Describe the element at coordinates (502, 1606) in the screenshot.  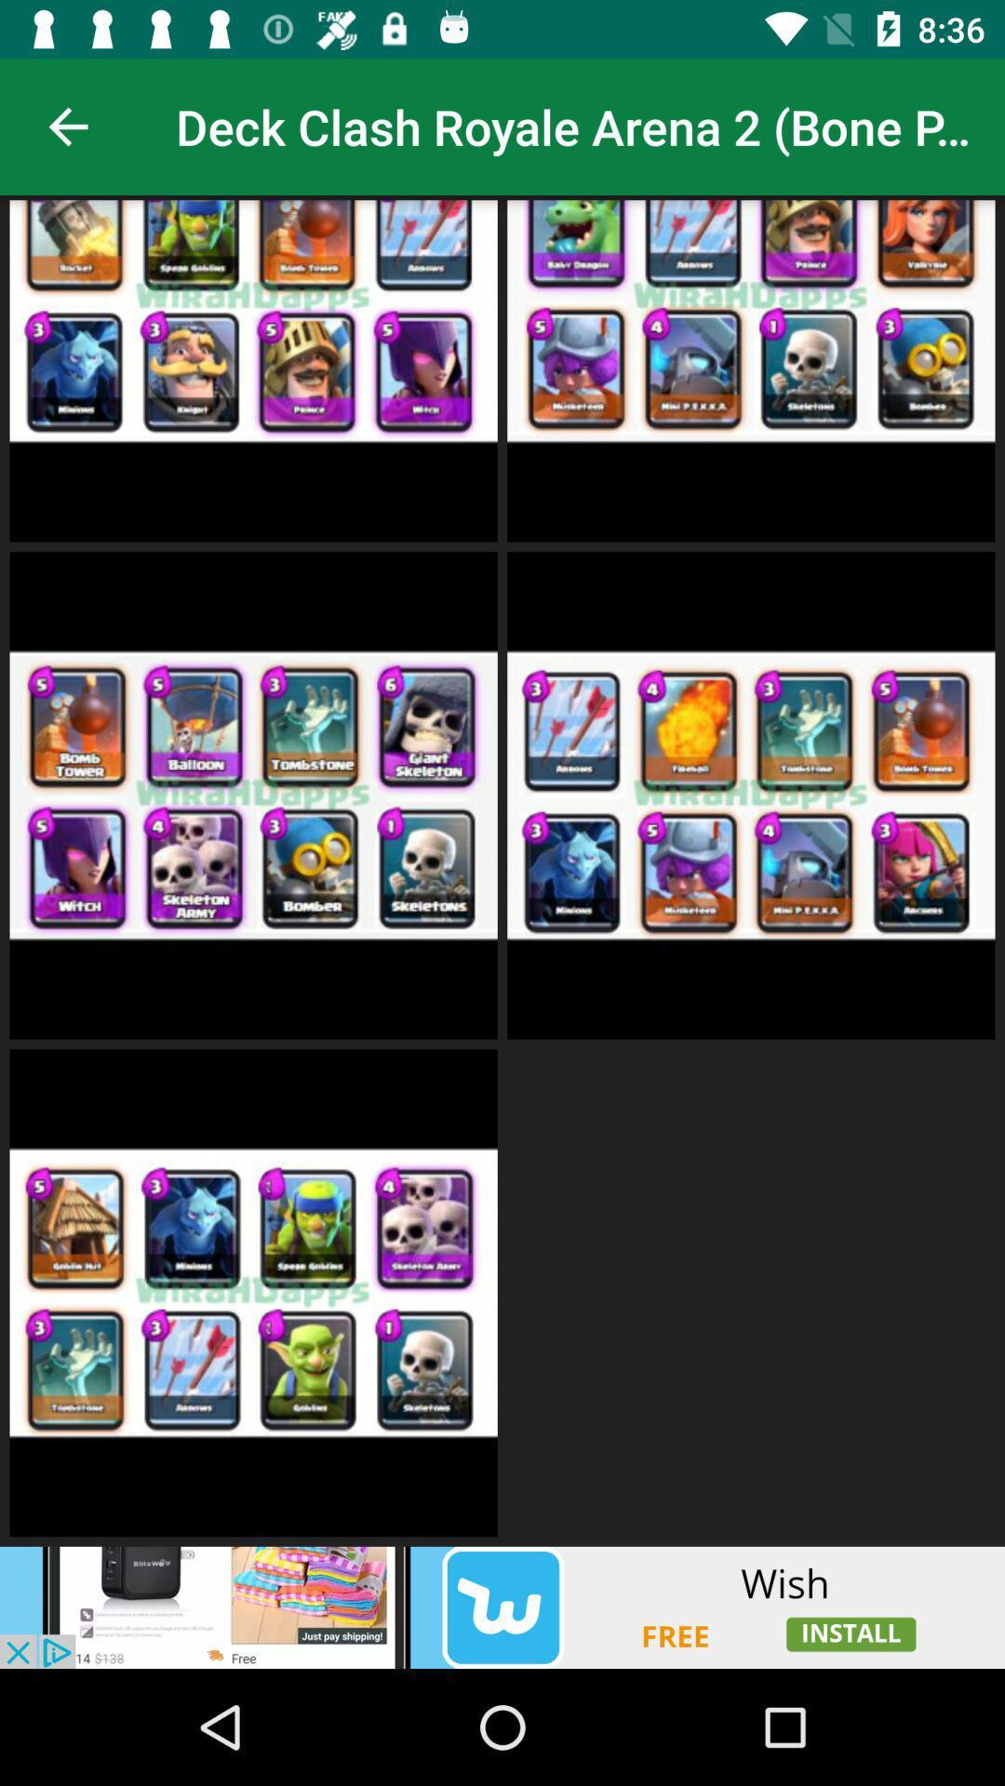
I see `advertisement` at that location.